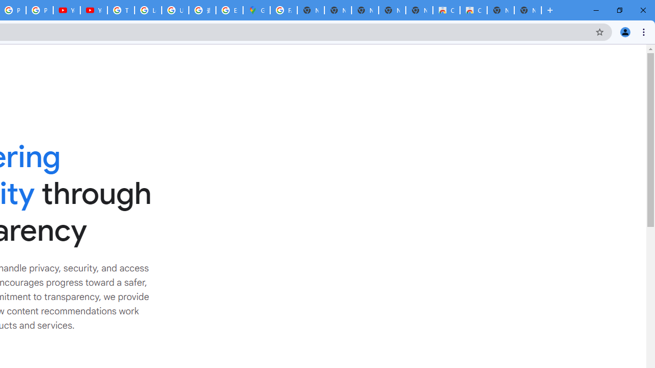 The height and width of the screenshot is (368, 655). Describe the element at coordinates (229, 10) in the screenshot. I see `'Explore new street-level details - Google Maps Help'` at that location.